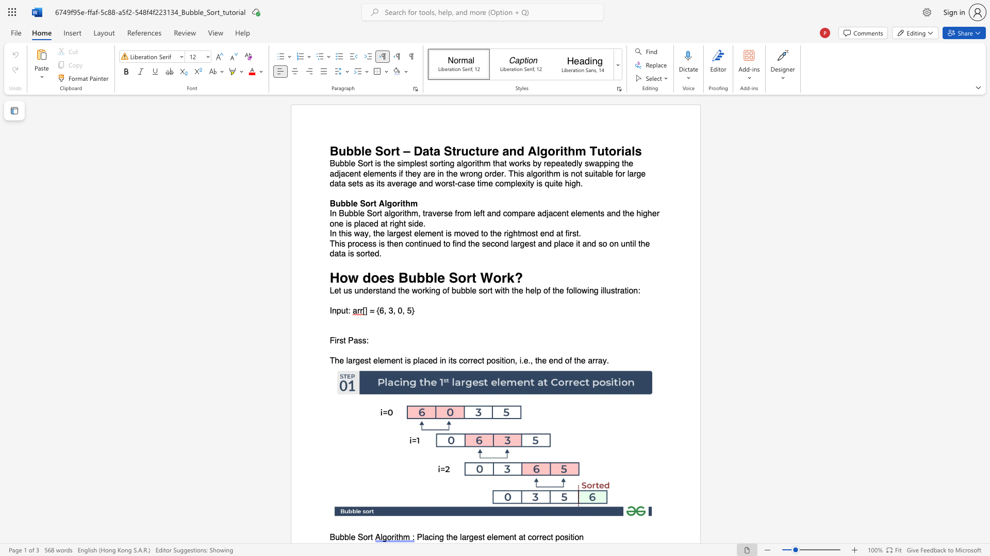 The image size is (990, 556). Describe the element at coordinates (556, 291) in the screenshot. I see `the 5th character "h" in the text` at that location.